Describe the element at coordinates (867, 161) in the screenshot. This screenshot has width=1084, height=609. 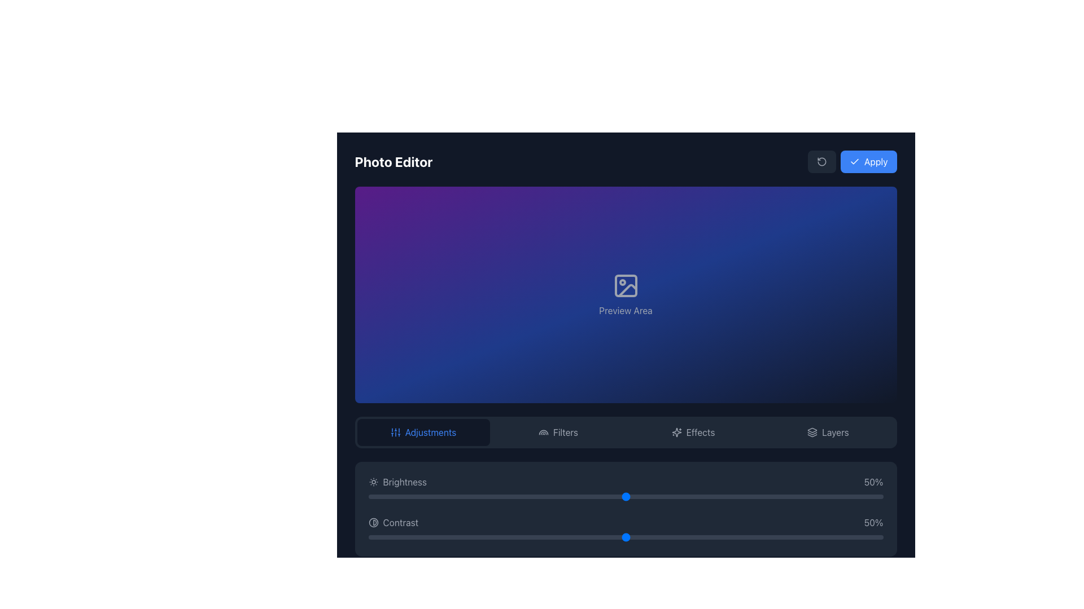
I see `the 'Apply' button located at the top-right of the interface, adjacent to another button` at that location.